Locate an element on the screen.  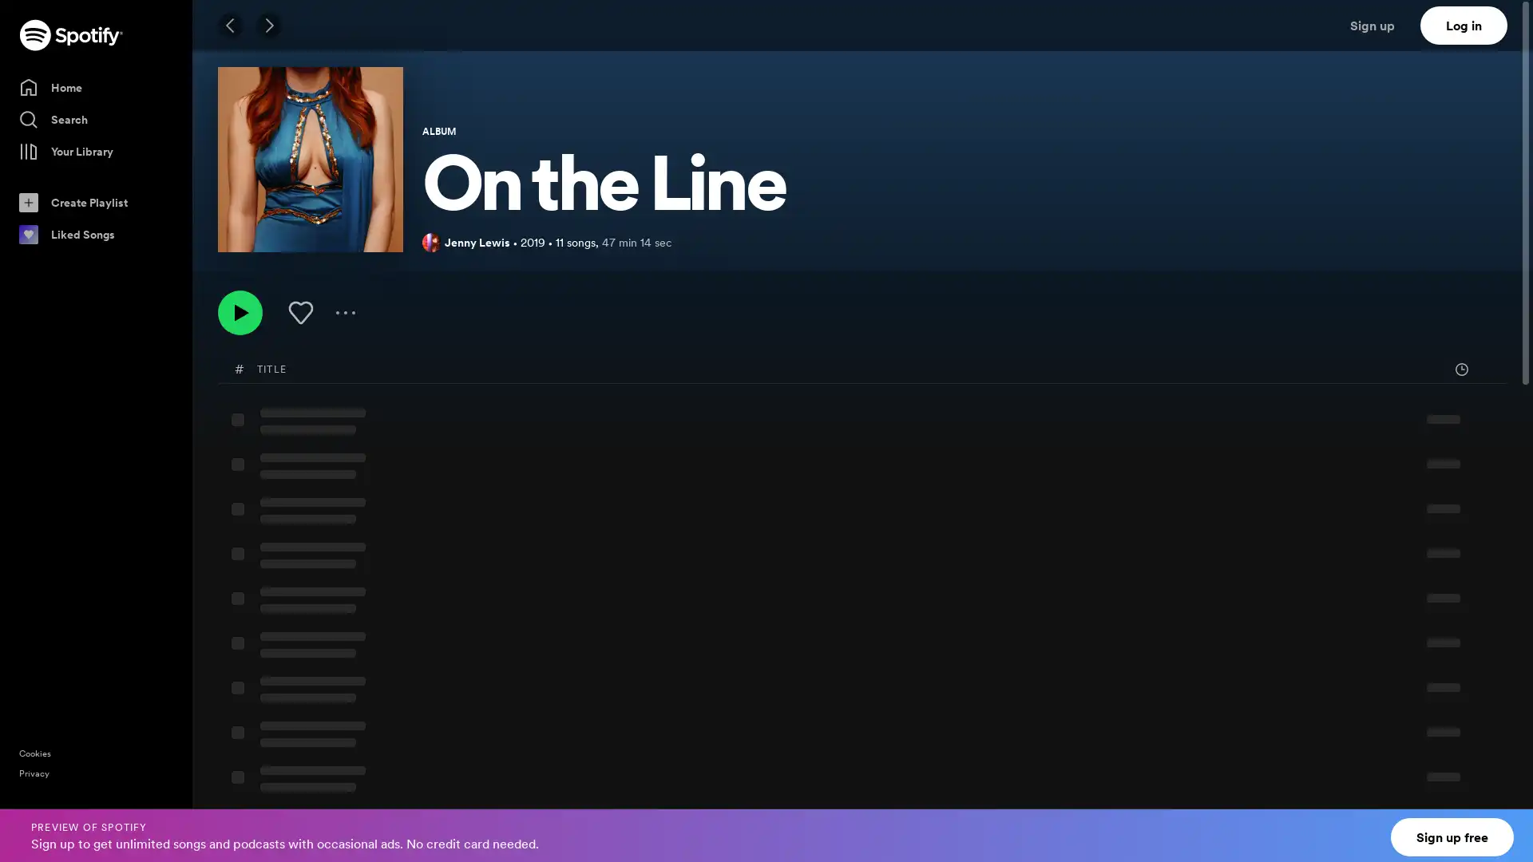
Play Little White Dove by Jenny Lewis is located at coordinates (237, 733).